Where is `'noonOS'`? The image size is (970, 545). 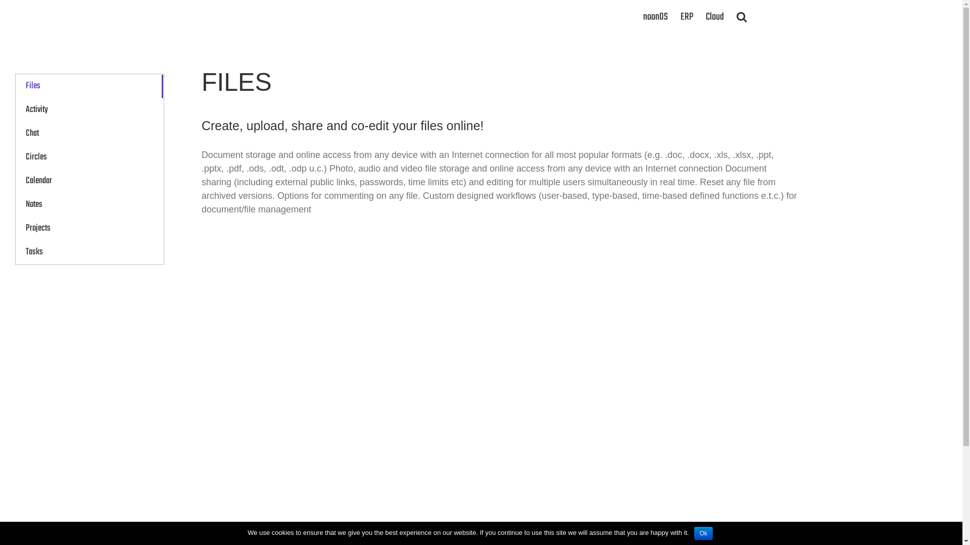
'noonOS' is located at coordinates (655, 16).